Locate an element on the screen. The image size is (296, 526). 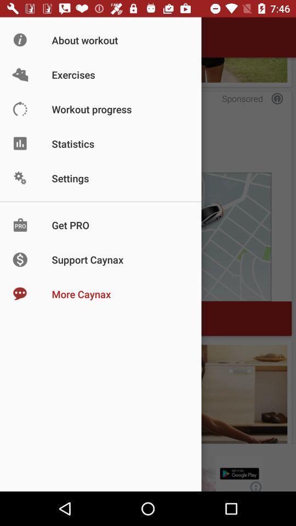
the button which is above the workout progress is located at coordinates (148, 69).